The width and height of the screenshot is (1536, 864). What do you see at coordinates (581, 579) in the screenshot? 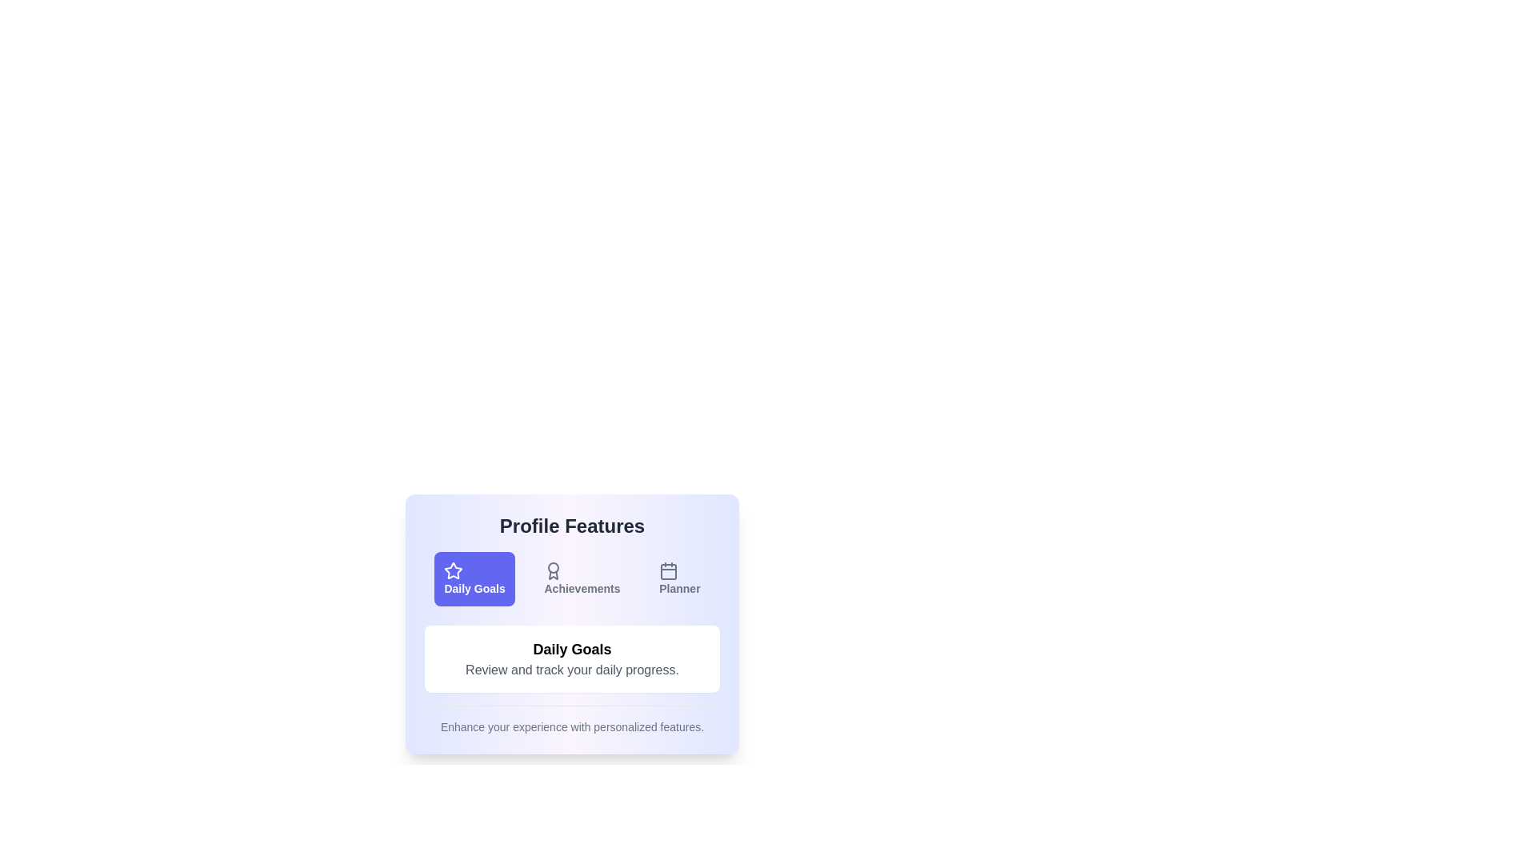
I see `the Achievements tab to switch to its content` at bounding box center [581, 579].